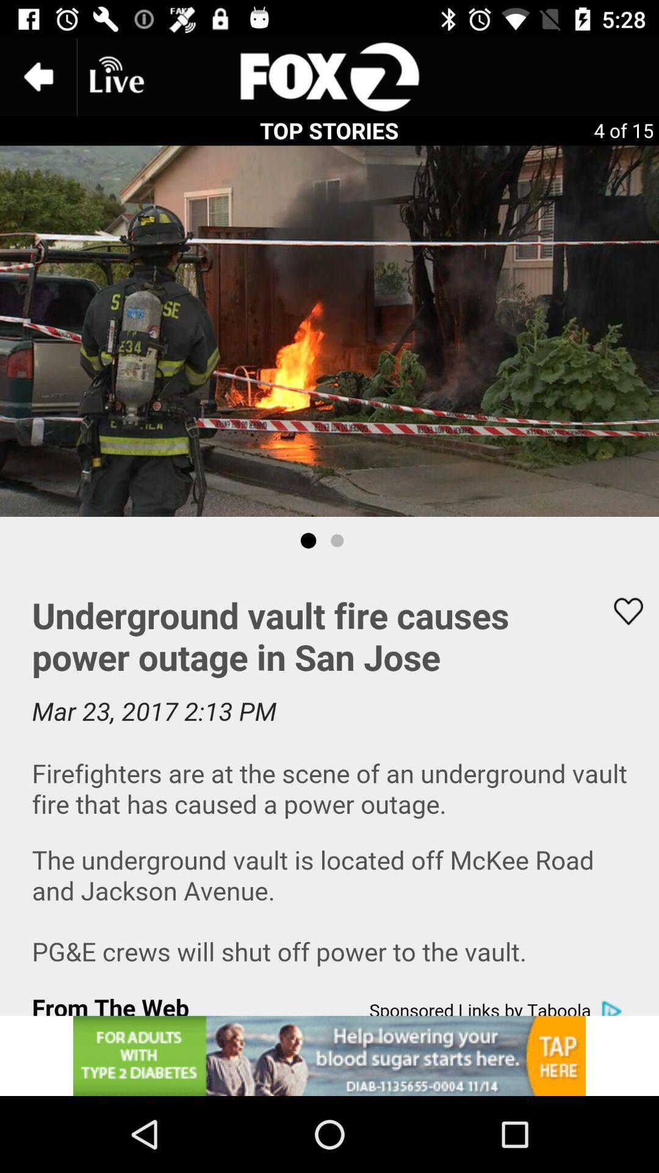 The height and width of the screenshot is (1173, 659). I want to click on the arrow_backward icon, so click(37, 76).